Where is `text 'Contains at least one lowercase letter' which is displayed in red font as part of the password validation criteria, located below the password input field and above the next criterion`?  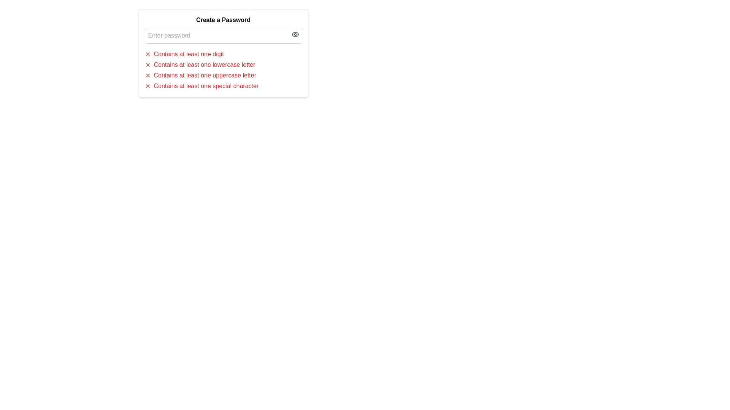 text 'Contains at least one lowercase letter' which is displayed in red font as part of the password validation criteria, located below the password input field and above the next criterion is located at coordinates (204, 64).